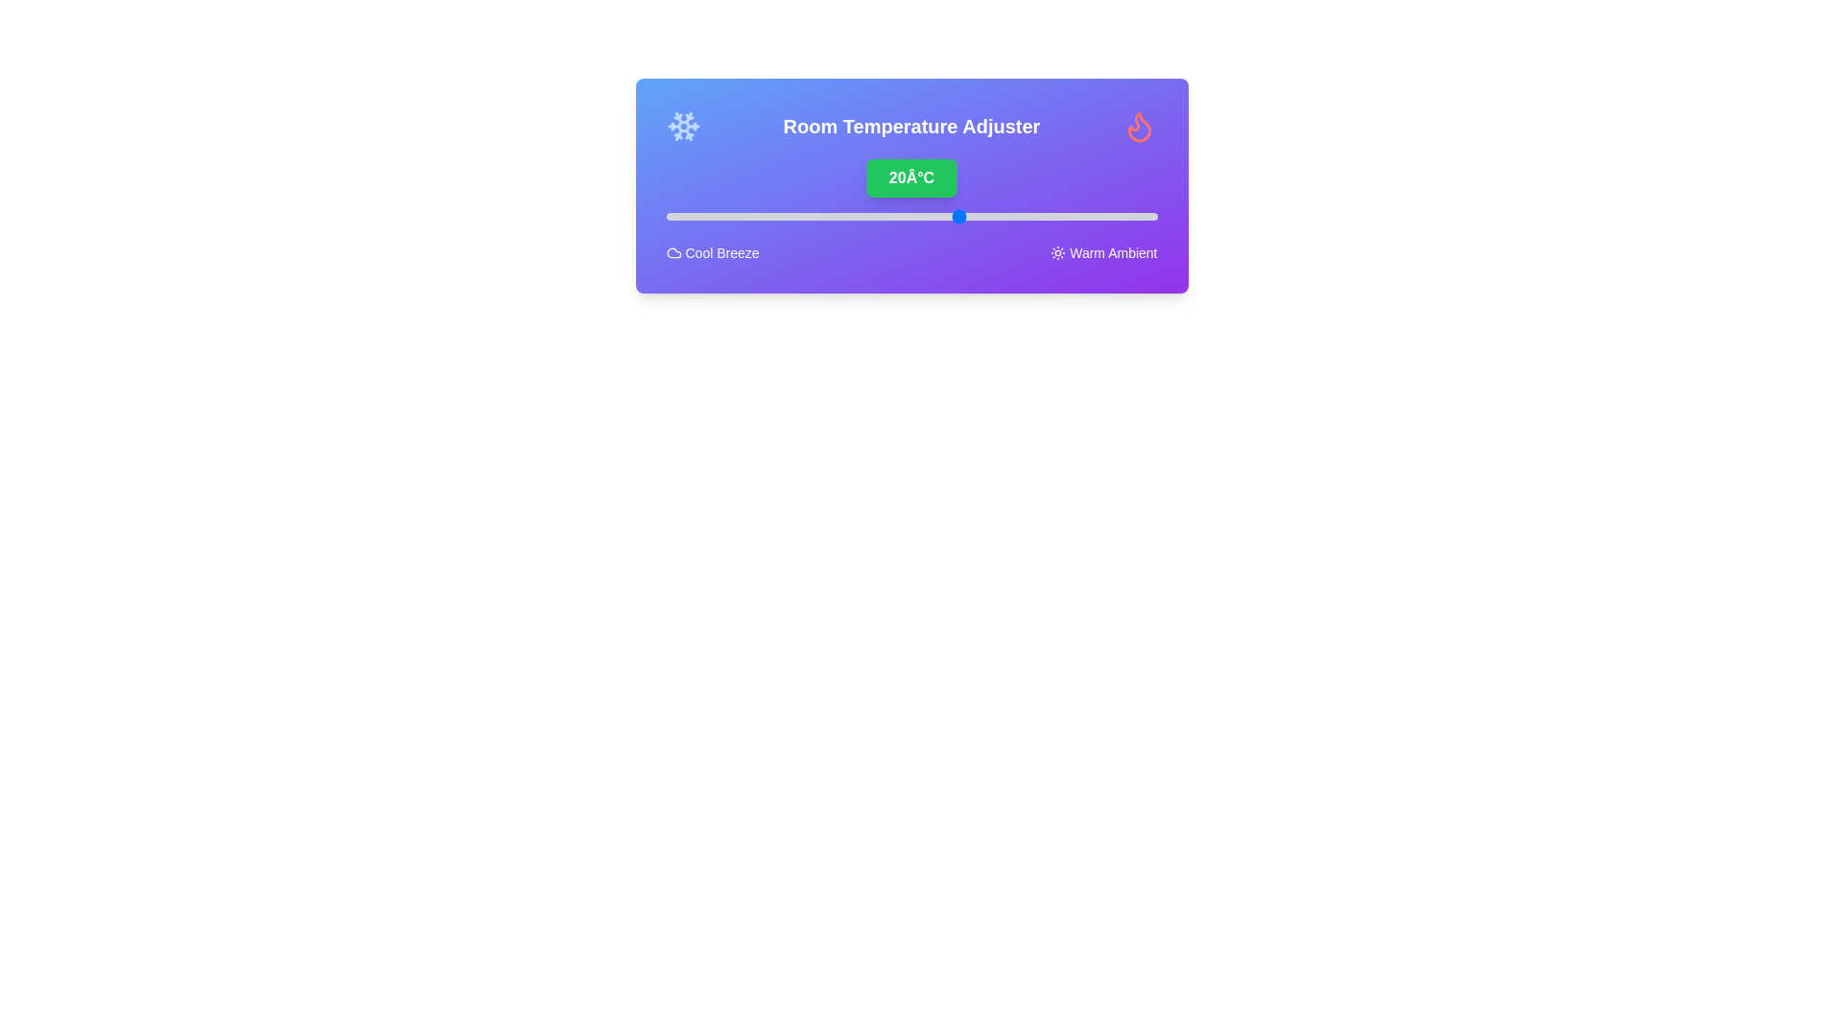  Describe the element at coordinates (960, 216) in the screenshot. I see `the temperature slider to set the temperature to 20°C` at that location.